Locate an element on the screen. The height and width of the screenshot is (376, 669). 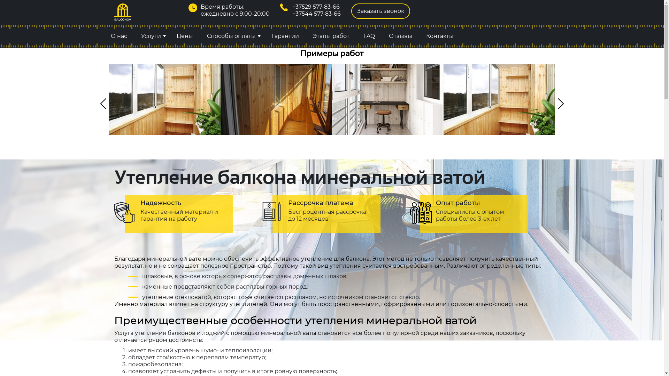
'+37544 577-83-66' is located at coordinates (316, 14).